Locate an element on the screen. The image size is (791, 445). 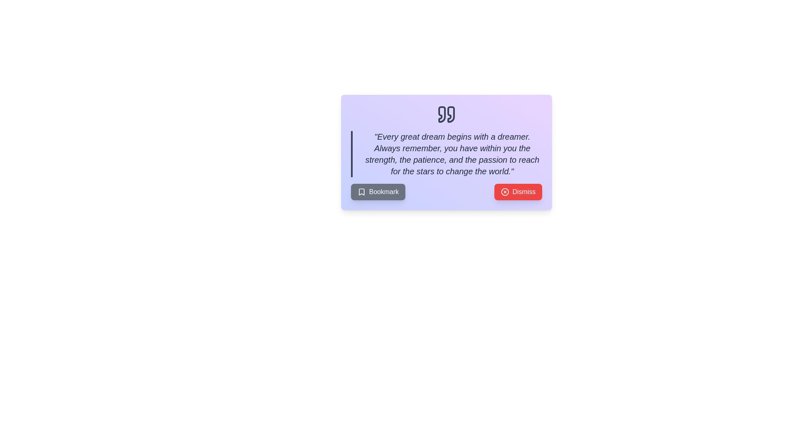
the gray quotation marks icon located at the center top of the card, which serves as a header for the content below is located at coordinates (446, 114).